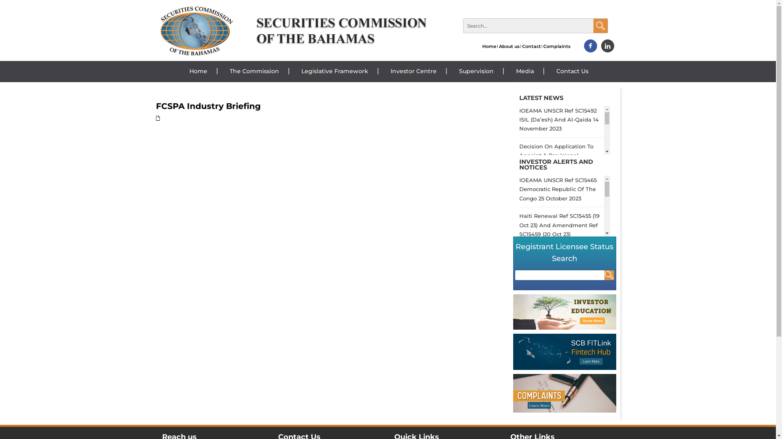 The height and width of the screenshot is (439, 782). What do you see at coordinates (532, 46) in the screenshot?
I see `'Contact'` at bounding box center [532, 46].